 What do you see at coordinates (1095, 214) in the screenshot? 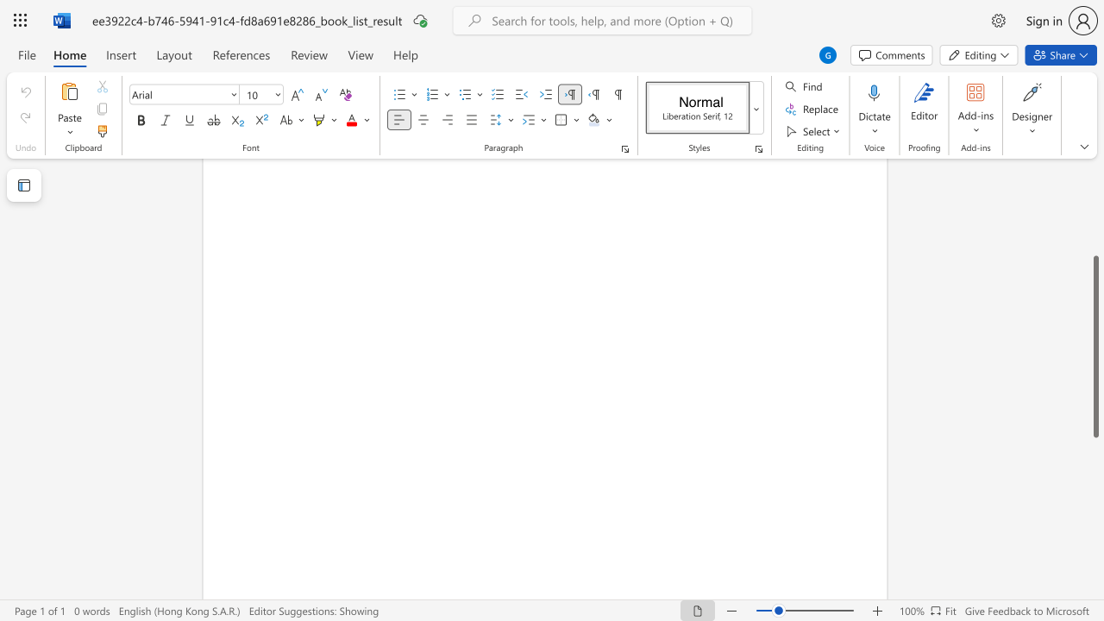
I see `the scrollbar on the right to shift the page higher` at bounding box center [1095, 214].